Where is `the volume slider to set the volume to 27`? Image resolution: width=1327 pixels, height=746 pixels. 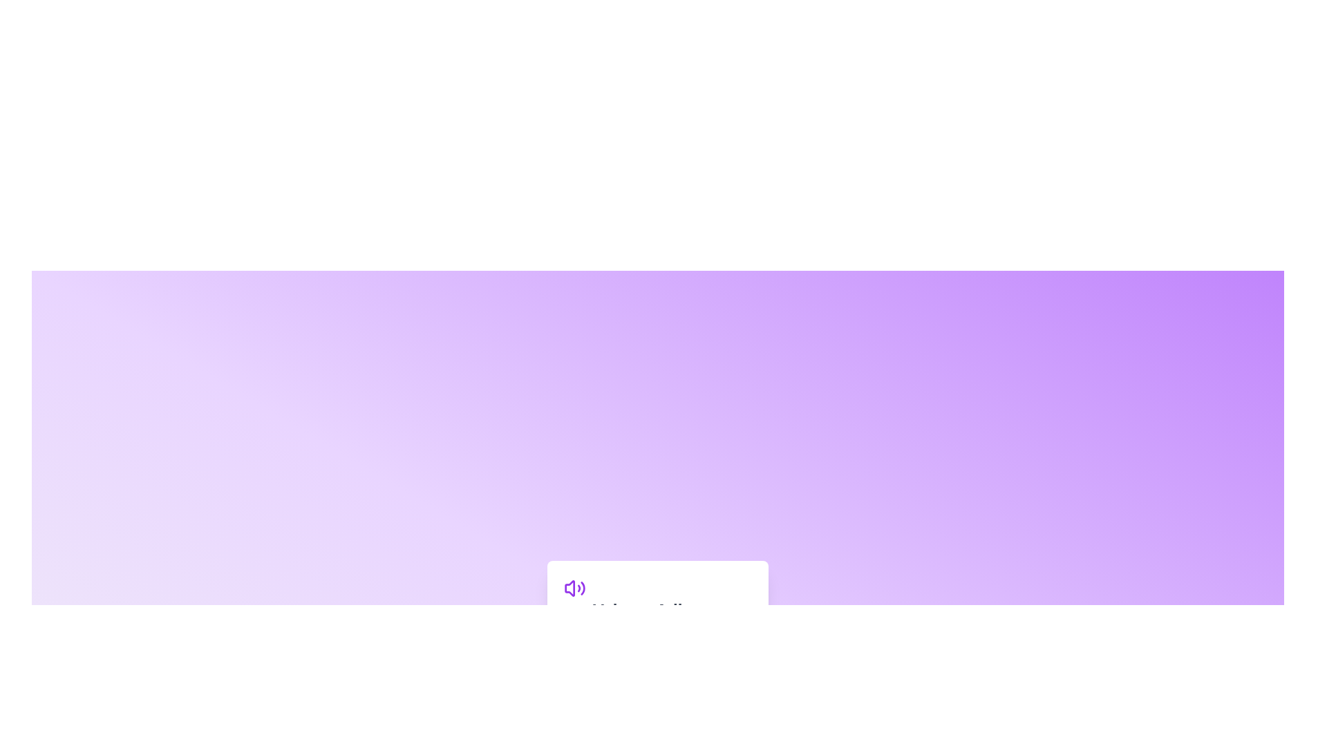
the volume slider to set the volume to 27 is located at coordinates (614, 642).